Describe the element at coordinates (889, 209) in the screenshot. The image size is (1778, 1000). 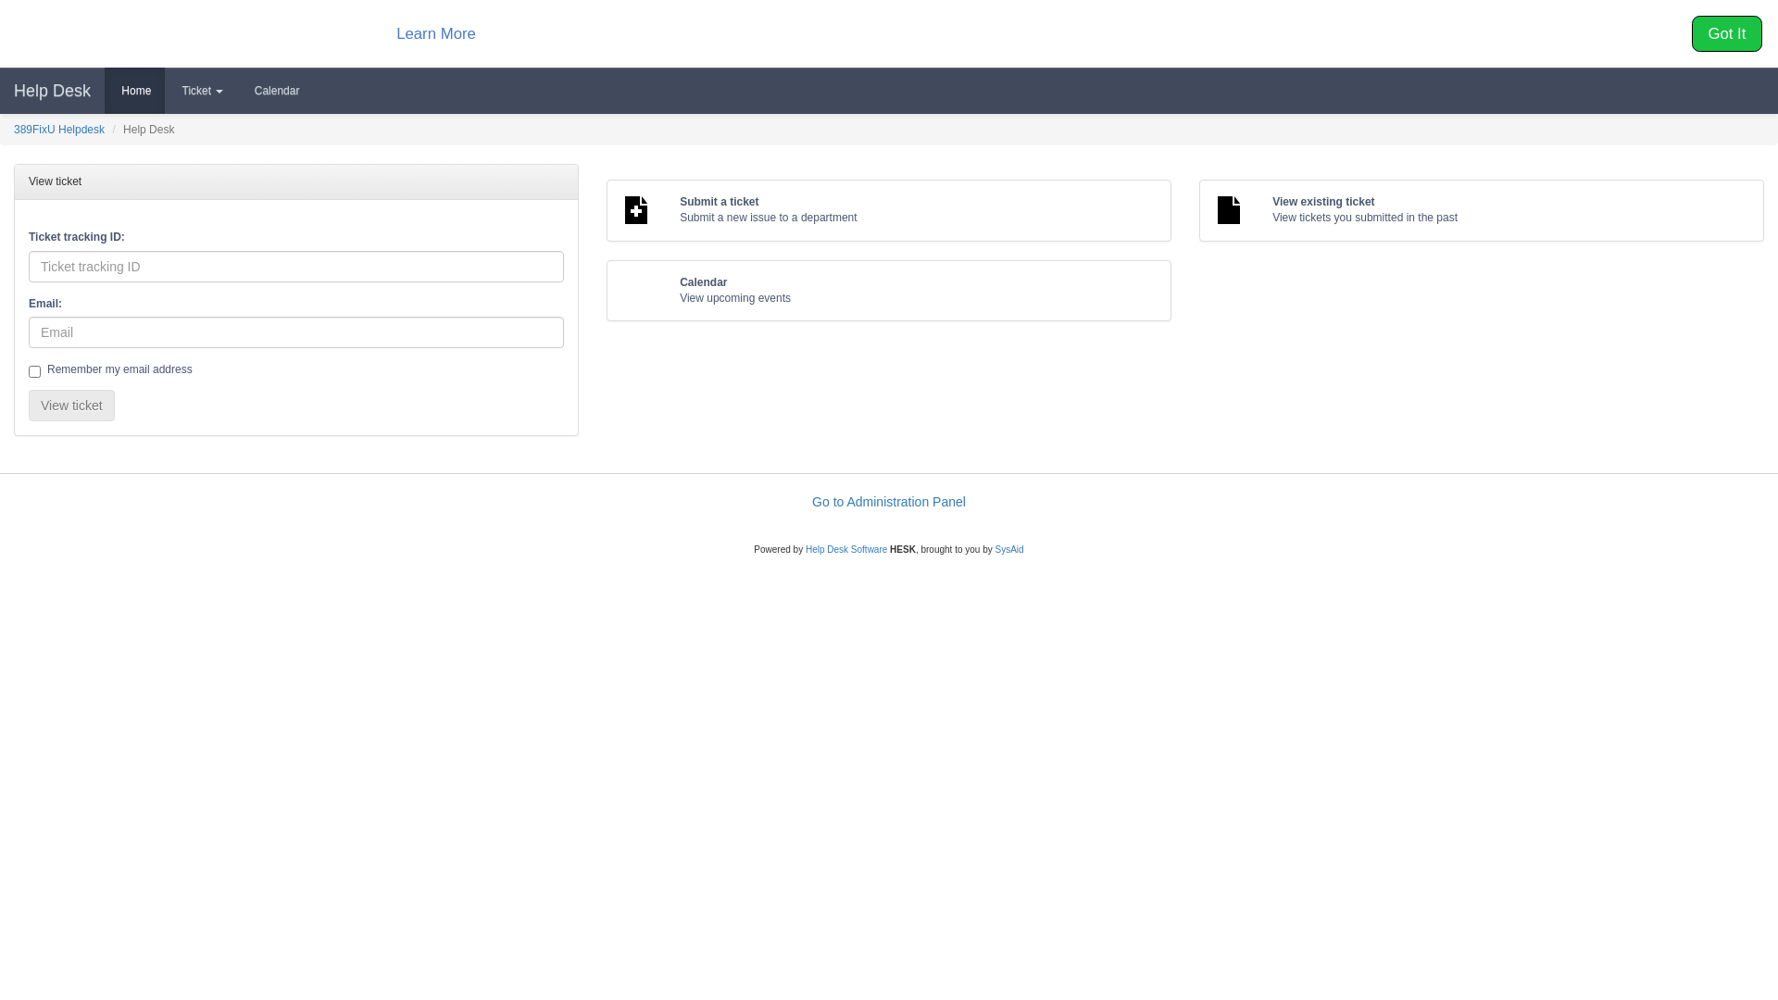
I see `'Submit a ticket` at that location.